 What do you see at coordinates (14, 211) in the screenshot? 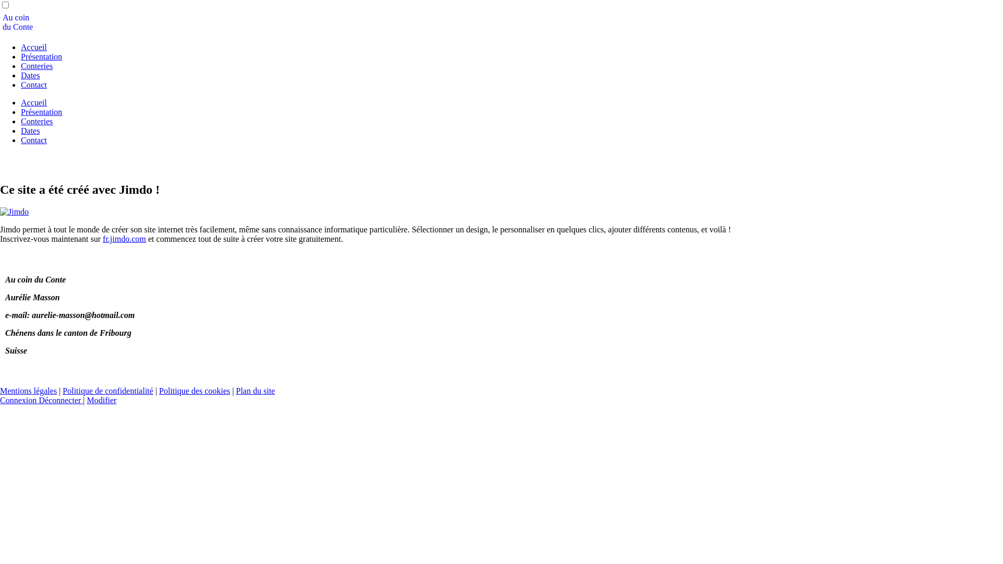
I see `'Jimdo'` at bounding box center [14, 211].